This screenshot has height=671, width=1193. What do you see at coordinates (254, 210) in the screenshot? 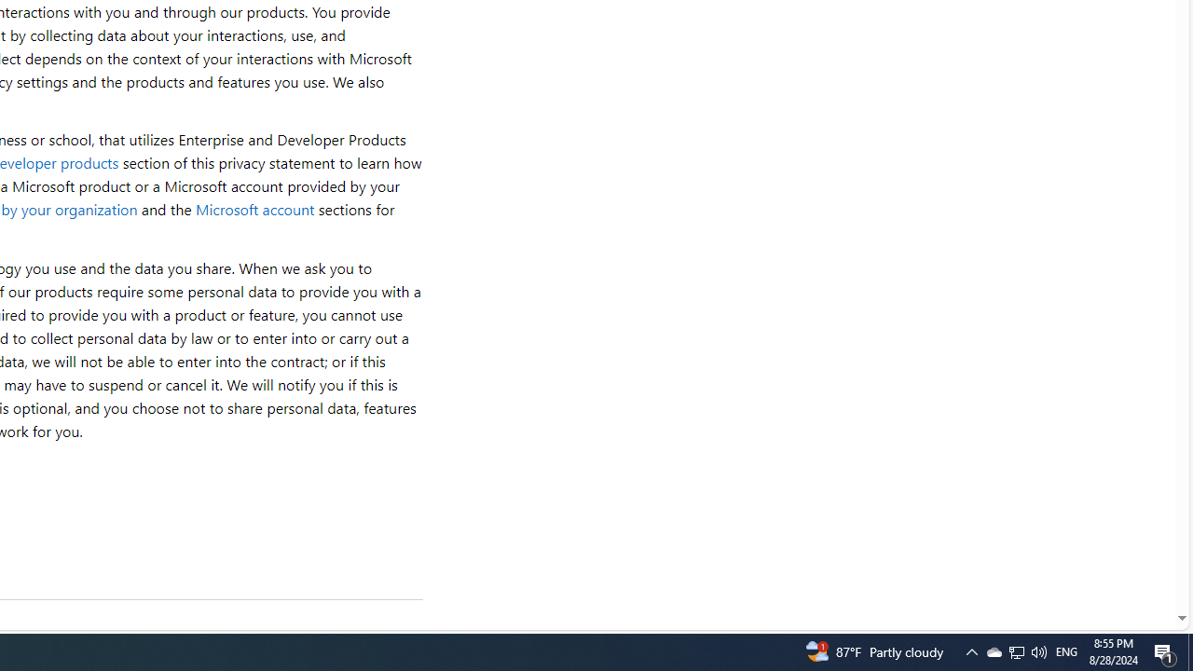
I see `'Microsoft account'` at bounding box center [254, 210].